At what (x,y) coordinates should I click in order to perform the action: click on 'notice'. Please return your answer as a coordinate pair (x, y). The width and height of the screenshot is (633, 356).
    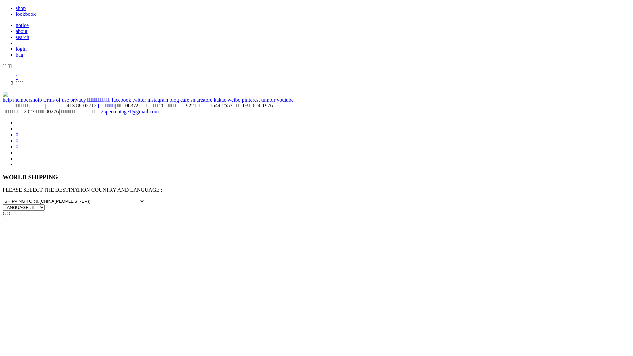
    Looking at the image, I should click on (22, 25).